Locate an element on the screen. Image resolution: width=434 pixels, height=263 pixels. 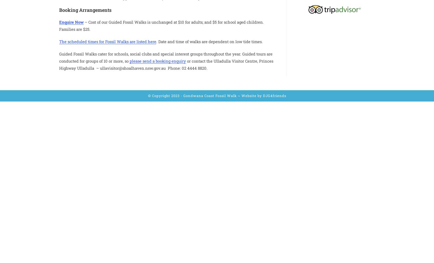
'Enquire Now' is located at coordinates (71, 22).